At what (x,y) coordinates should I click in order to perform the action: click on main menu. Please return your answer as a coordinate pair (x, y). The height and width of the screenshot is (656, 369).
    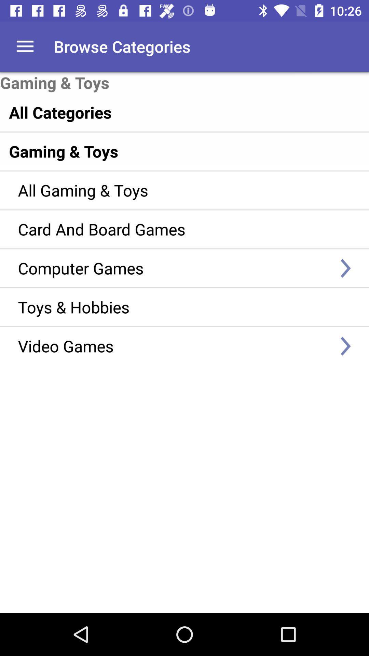
    Looking at the image, I should click on (25, 46).